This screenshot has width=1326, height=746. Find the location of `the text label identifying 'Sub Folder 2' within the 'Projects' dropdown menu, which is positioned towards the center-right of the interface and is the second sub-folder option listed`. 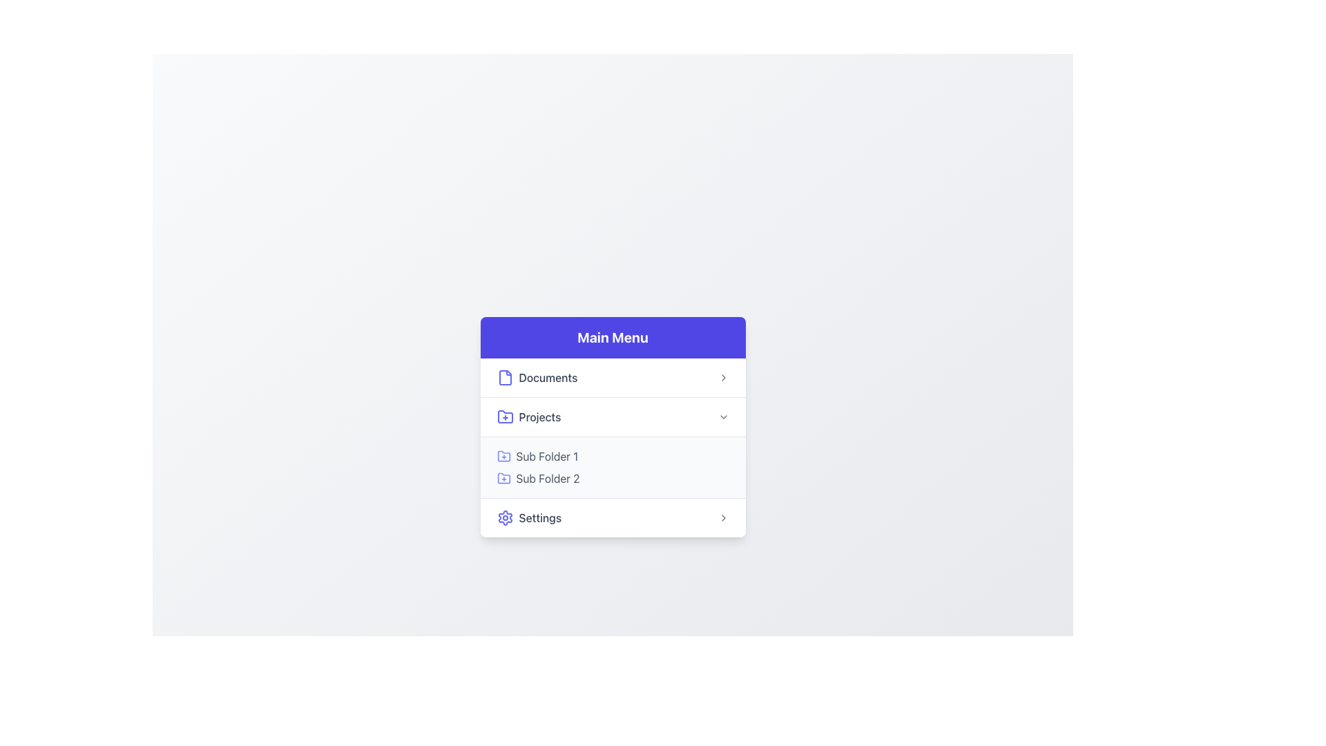

the text label identifying 'Sub Folder 2' within the 'Projects' dropdown menu, which is positioned towards the center-right of the interface and is the second sub-folder option listed is located at coordinates (547, 477).